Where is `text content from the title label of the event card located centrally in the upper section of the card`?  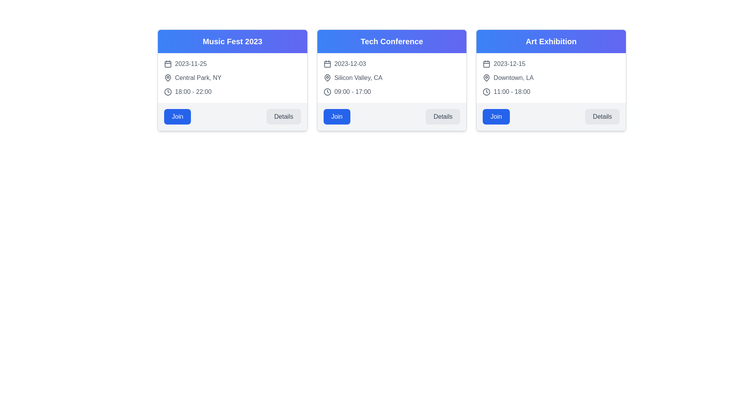
text content from the title label of the event card located centrally in the upper section of the card is located at coordinates (392, 42).